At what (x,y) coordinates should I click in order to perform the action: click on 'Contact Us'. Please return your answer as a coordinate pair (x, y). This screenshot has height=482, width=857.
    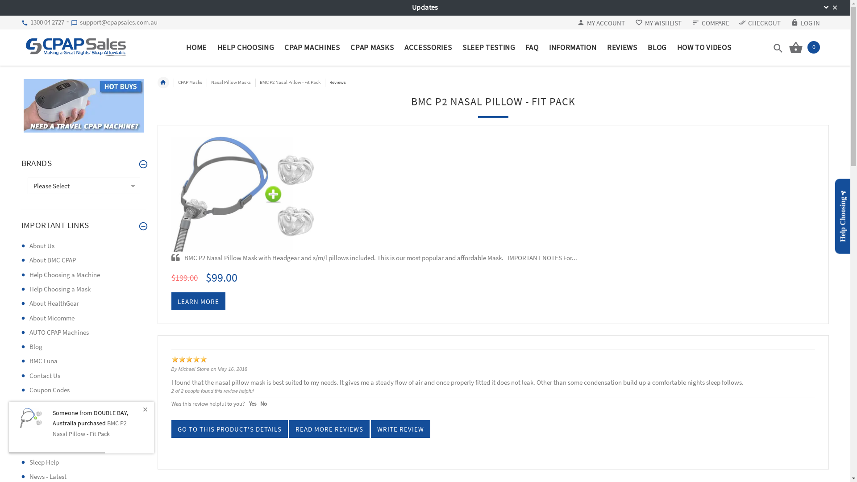
    Looking at the image, I should click on (44, 375).